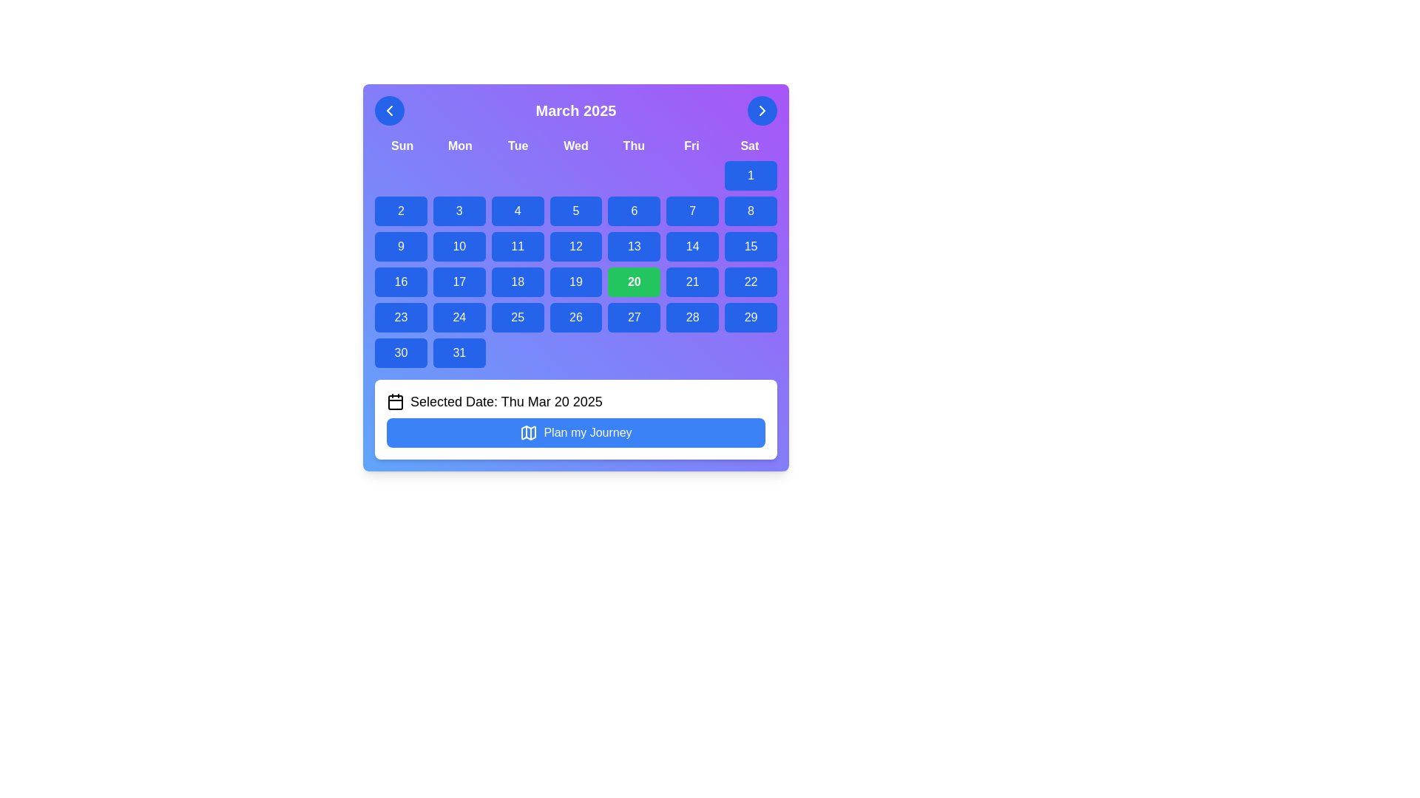 This screenshot has height=798, width=1420. What do you see at coordinates (575, 110) in the screenshot?
I see `text content of the text label displaying 'March 2025', which is centrally located at the top of the calendar interface` at bounding box center [575, 110].